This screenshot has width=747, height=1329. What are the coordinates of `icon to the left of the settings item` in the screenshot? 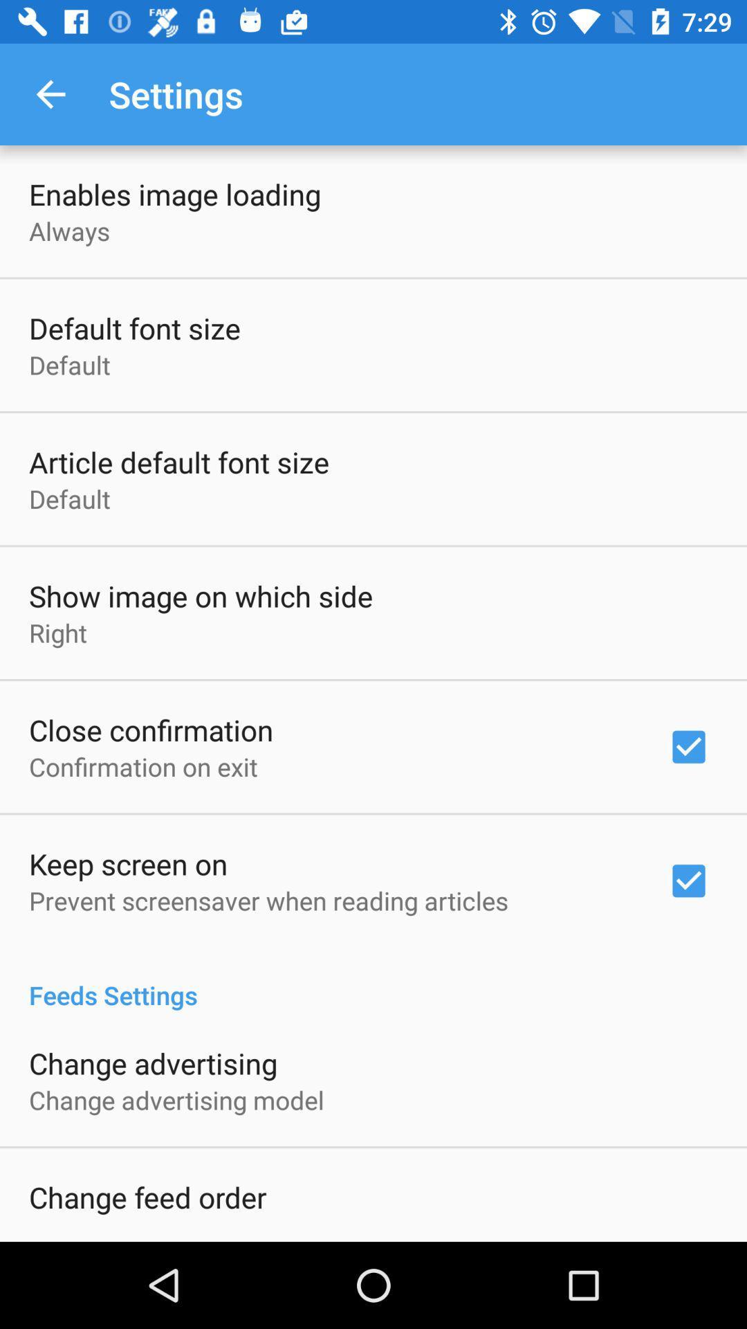 It's located at (50, 93).